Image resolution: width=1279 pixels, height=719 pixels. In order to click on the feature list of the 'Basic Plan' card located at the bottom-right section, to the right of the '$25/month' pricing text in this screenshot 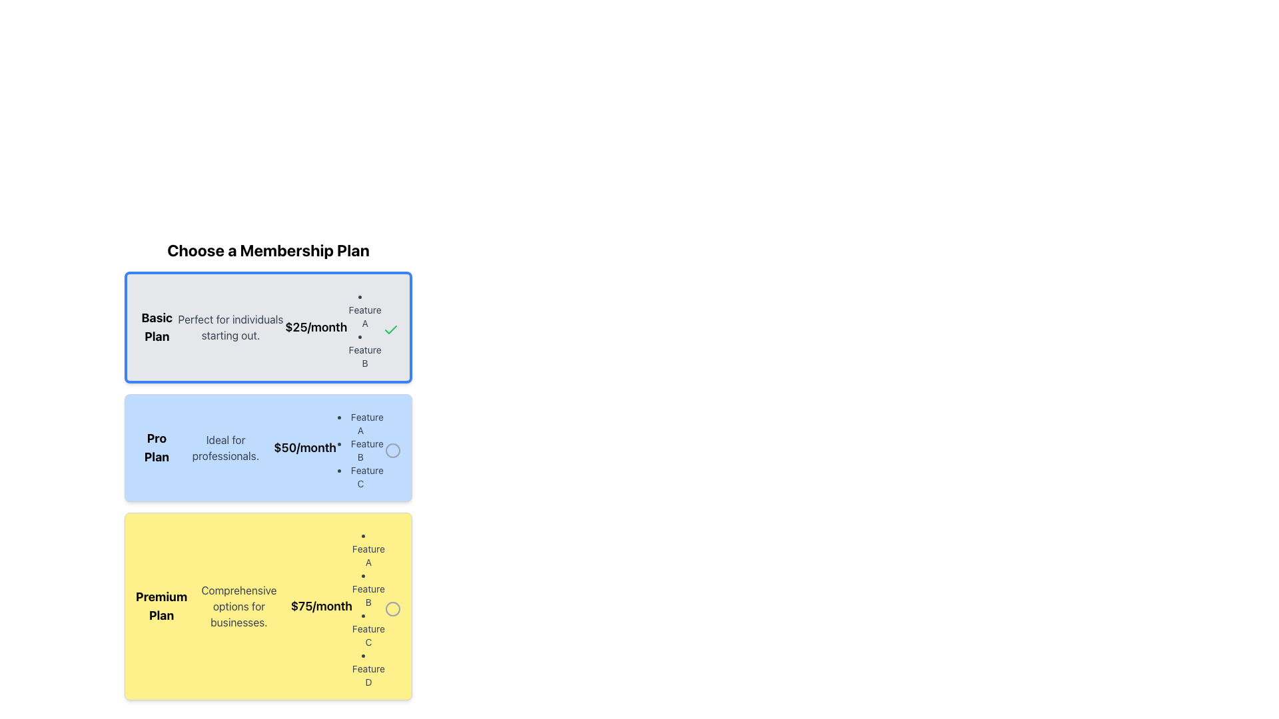, I will do `click(365, 328)`.